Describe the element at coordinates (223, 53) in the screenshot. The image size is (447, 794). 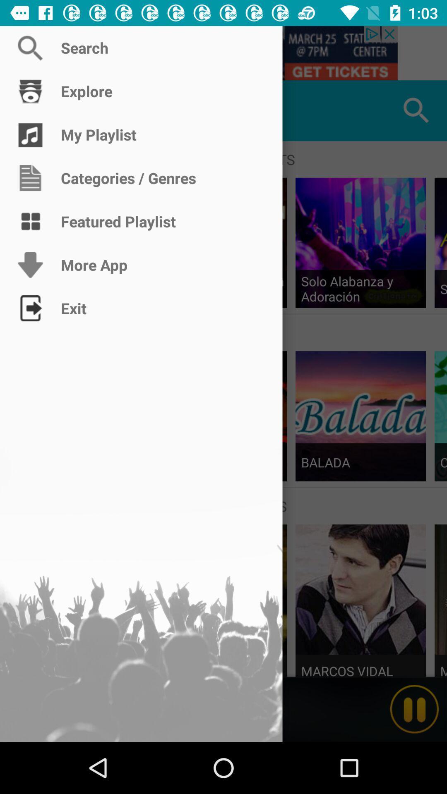
I see `searching bar` at that location.